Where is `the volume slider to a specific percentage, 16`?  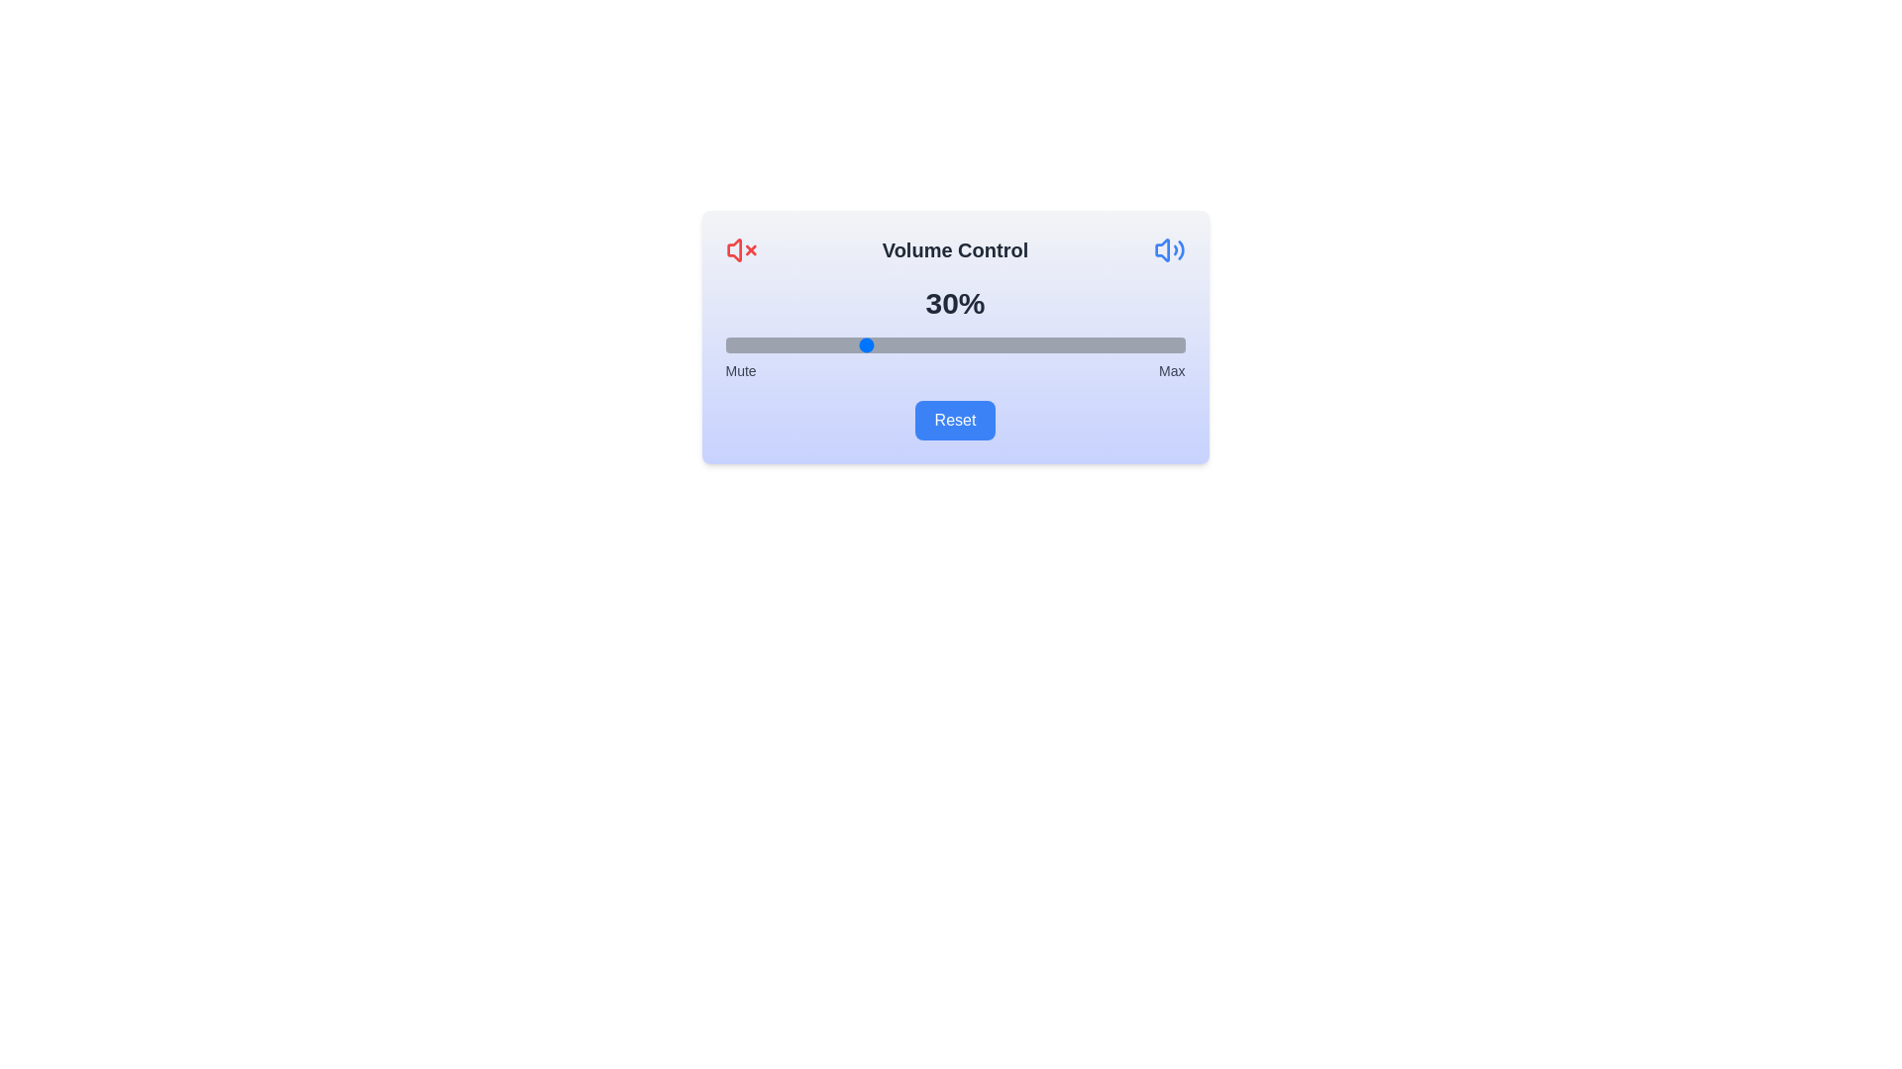
the volume slider to a specific percentage, 16 is located at coordinates (798, 343).